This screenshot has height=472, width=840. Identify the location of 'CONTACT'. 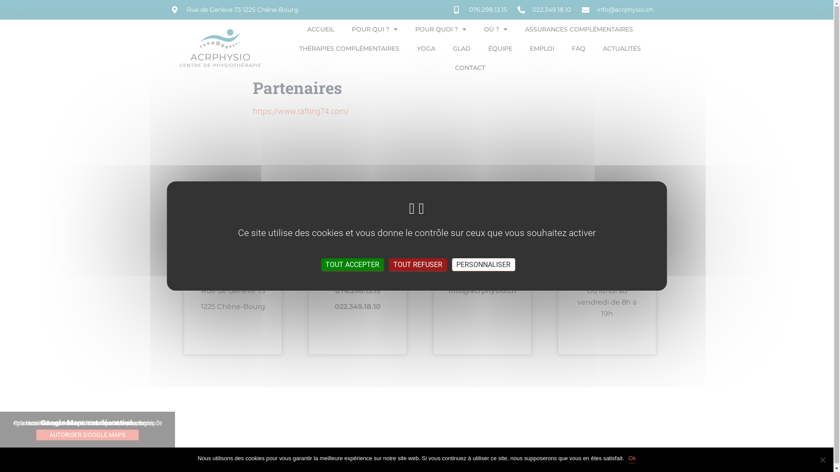
(469, 67).